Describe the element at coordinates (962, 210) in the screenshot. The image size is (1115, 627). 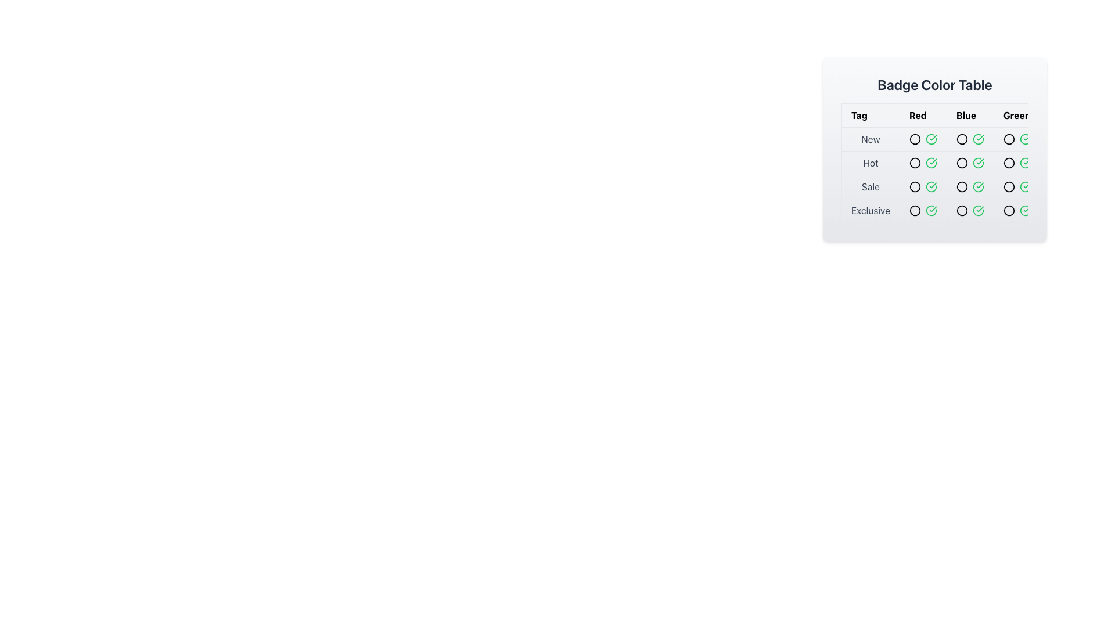
I see `the status marker icon located in the fourth row and second column of the 'Badge Color Table'` at that location.